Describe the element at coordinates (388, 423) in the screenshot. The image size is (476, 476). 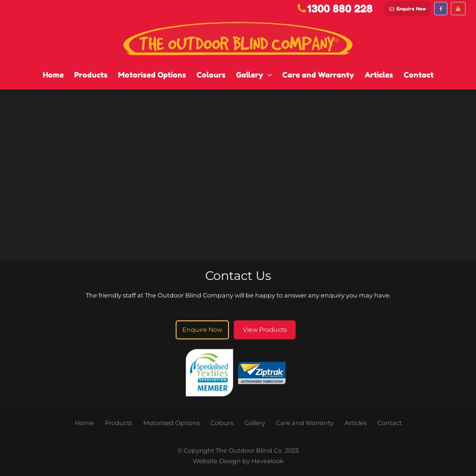
I see `'Contact'` at that location.